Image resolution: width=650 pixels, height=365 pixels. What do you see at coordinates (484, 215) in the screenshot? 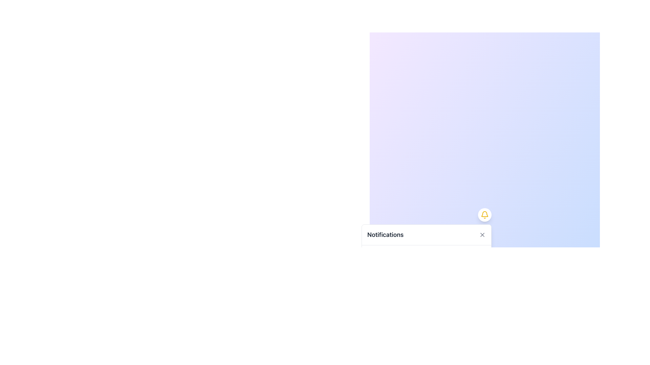
I see `the circular button with a yellow bell icon located in the upper-right corner of the notification card to initiate an action` at bounding box center [484, 215].